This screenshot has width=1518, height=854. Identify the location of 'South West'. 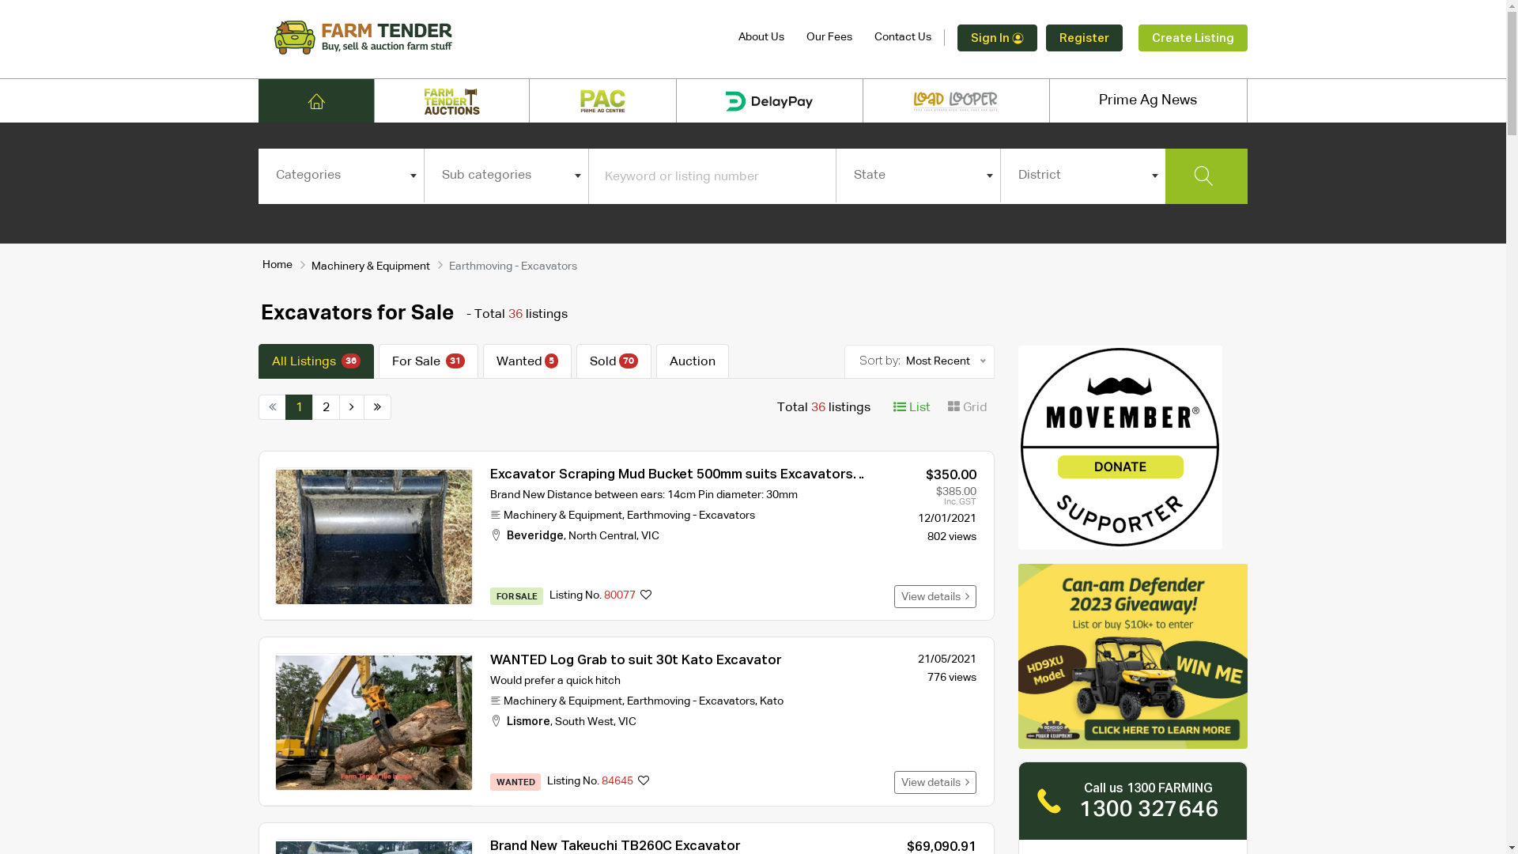
(583, 722).